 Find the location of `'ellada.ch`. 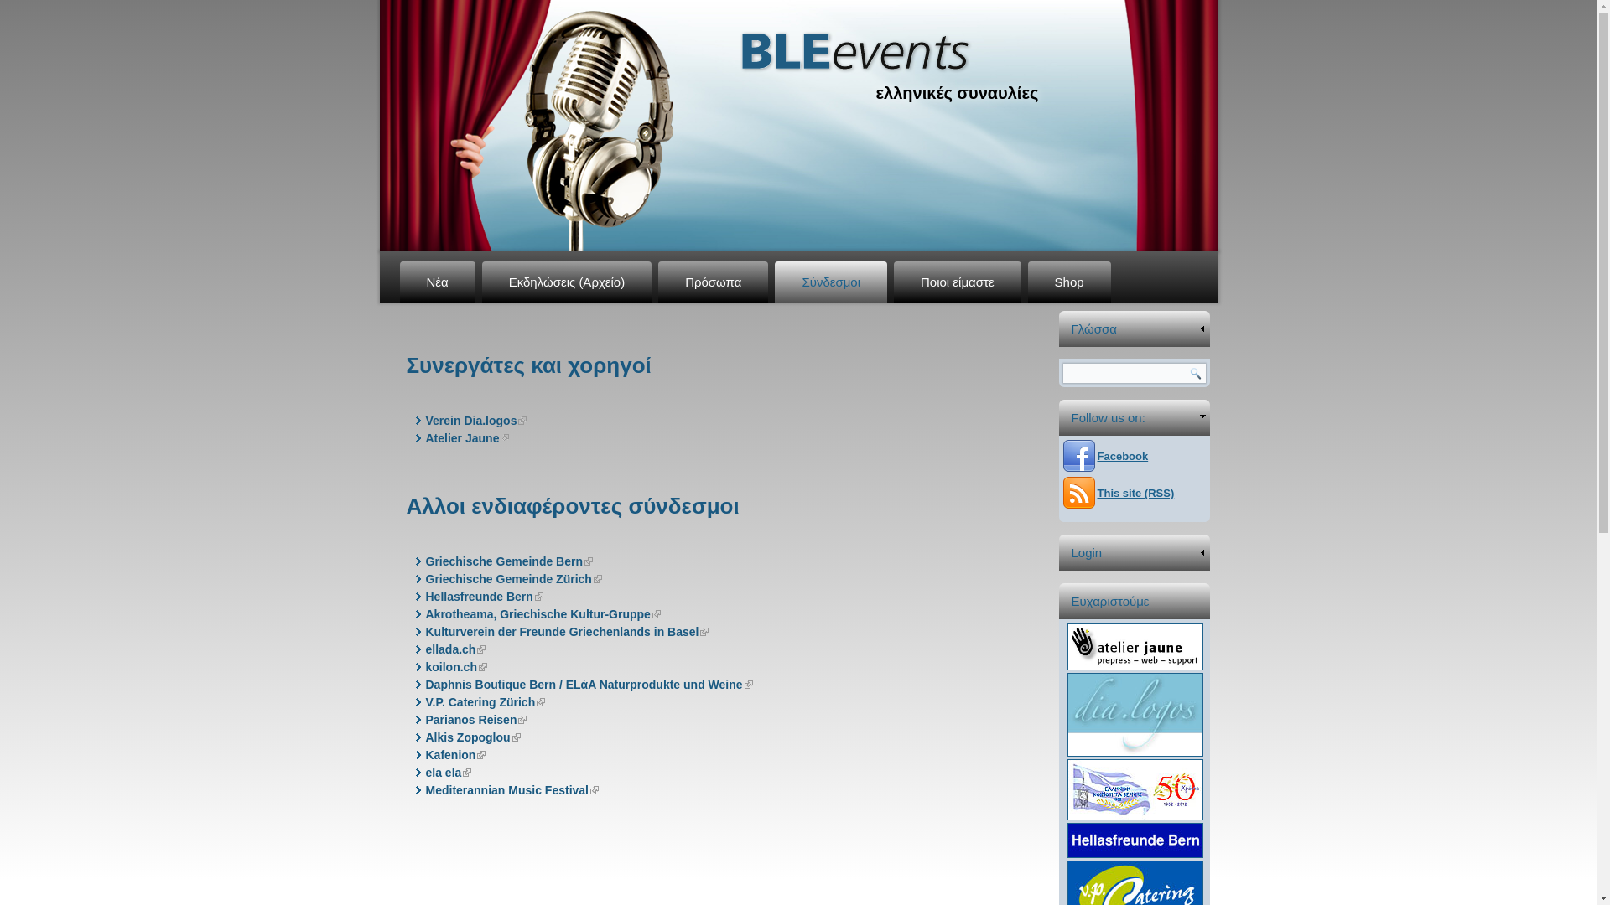

'ellada.ch is located at coordinates (426, 649).